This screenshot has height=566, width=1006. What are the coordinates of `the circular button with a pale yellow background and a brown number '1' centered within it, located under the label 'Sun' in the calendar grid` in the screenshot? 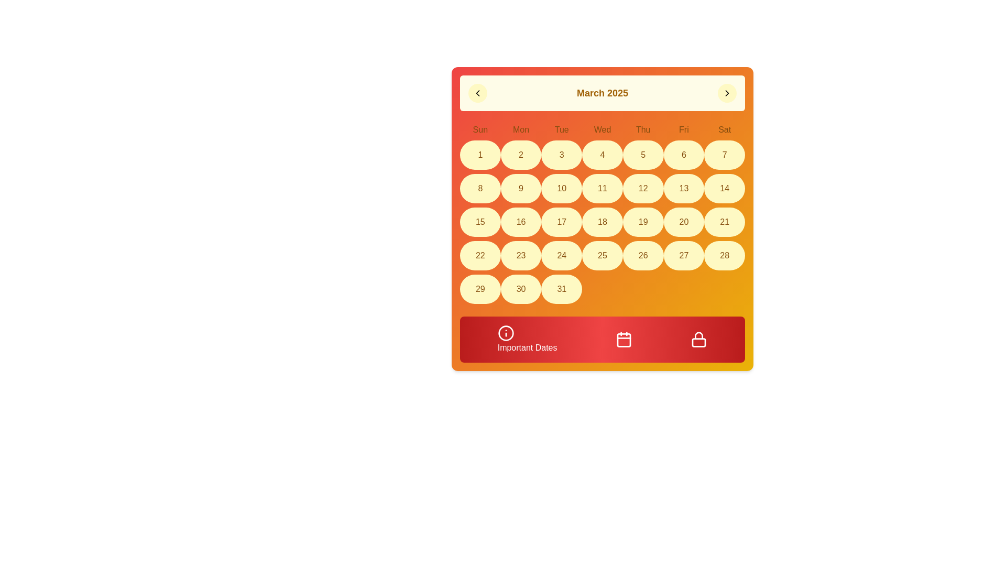 It's located at (479, 155).